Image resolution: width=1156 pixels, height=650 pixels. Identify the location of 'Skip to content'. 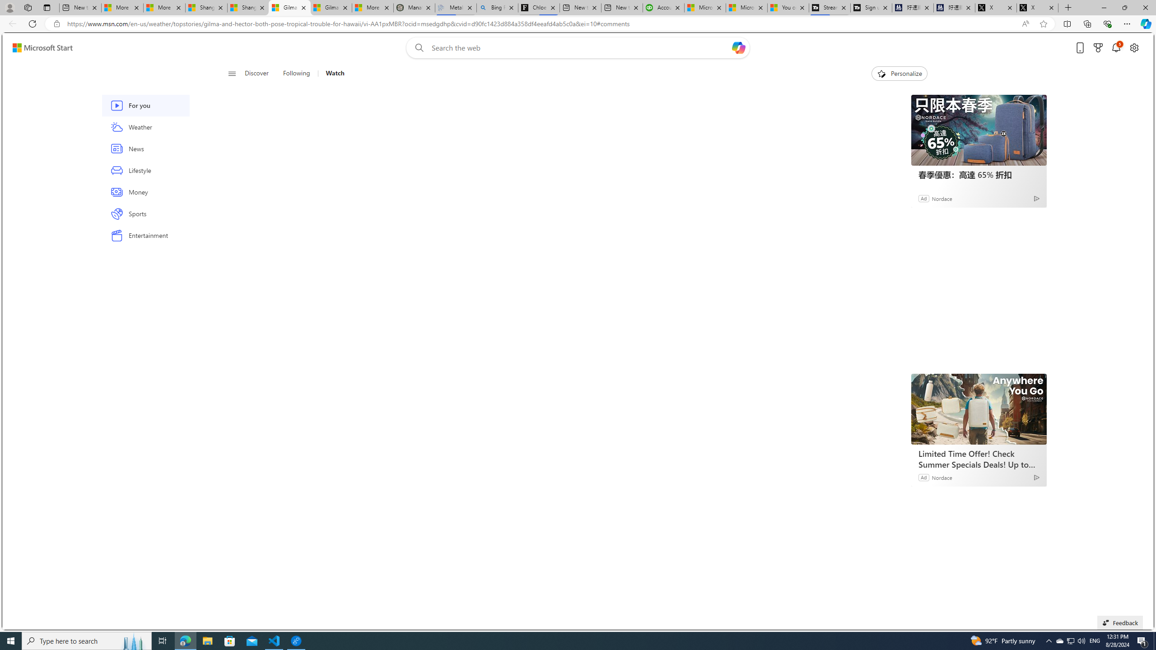
(39, 47).